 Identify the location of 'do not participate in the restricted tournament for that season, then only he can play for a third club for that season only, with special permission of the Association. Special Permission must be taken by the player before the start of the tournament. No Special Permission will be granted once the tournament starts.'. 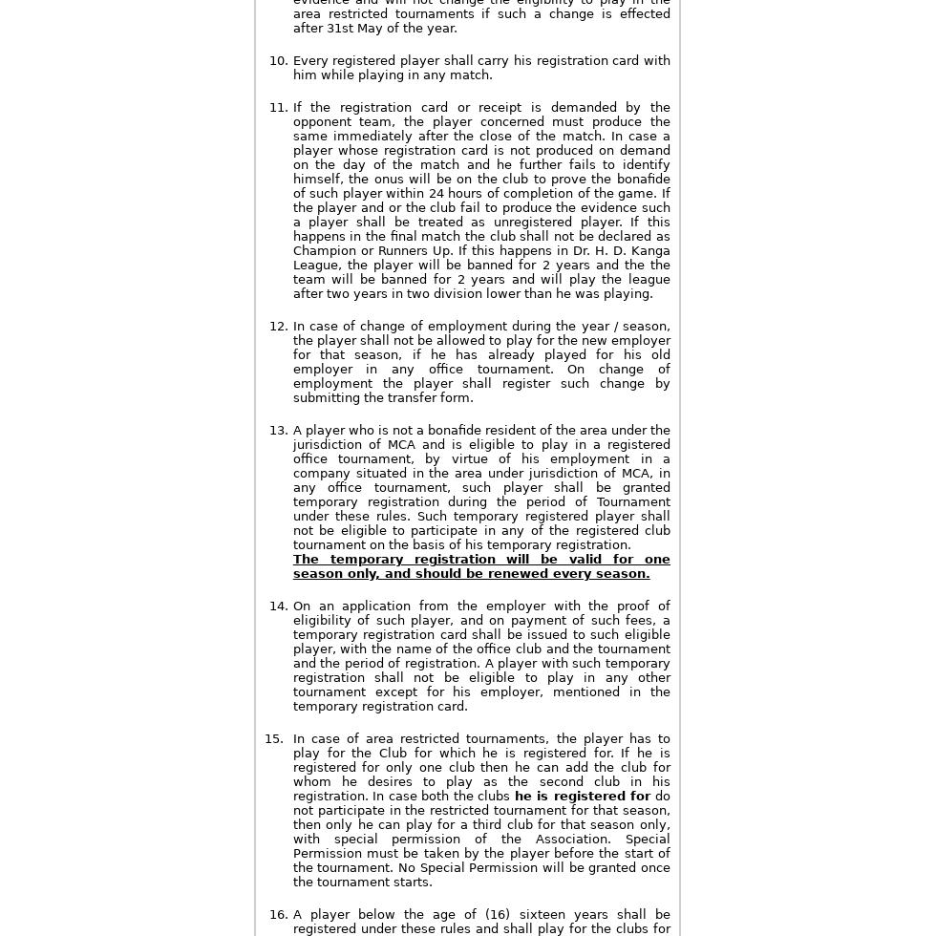
(480, 839).